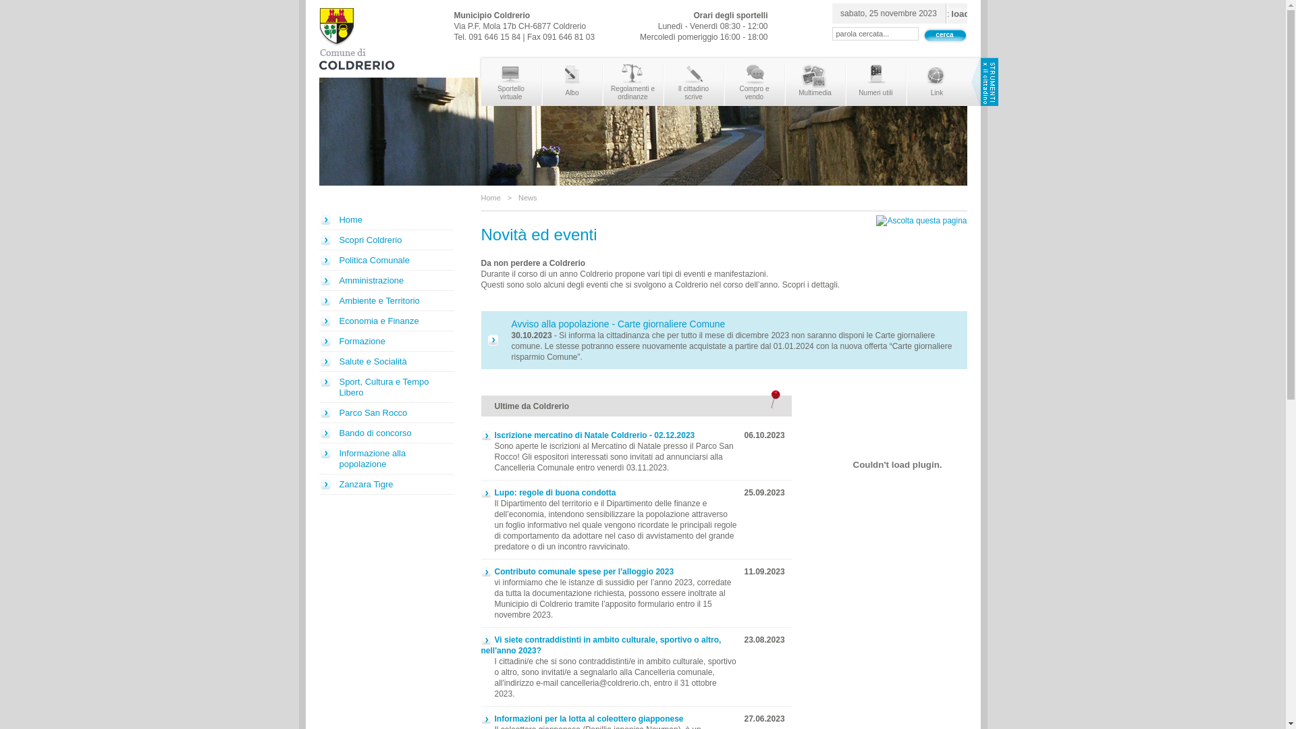 The image size is (1296, 729). I want to click on 'Informazioni per la lotta al coleottero giapponese', so click(582, 718).